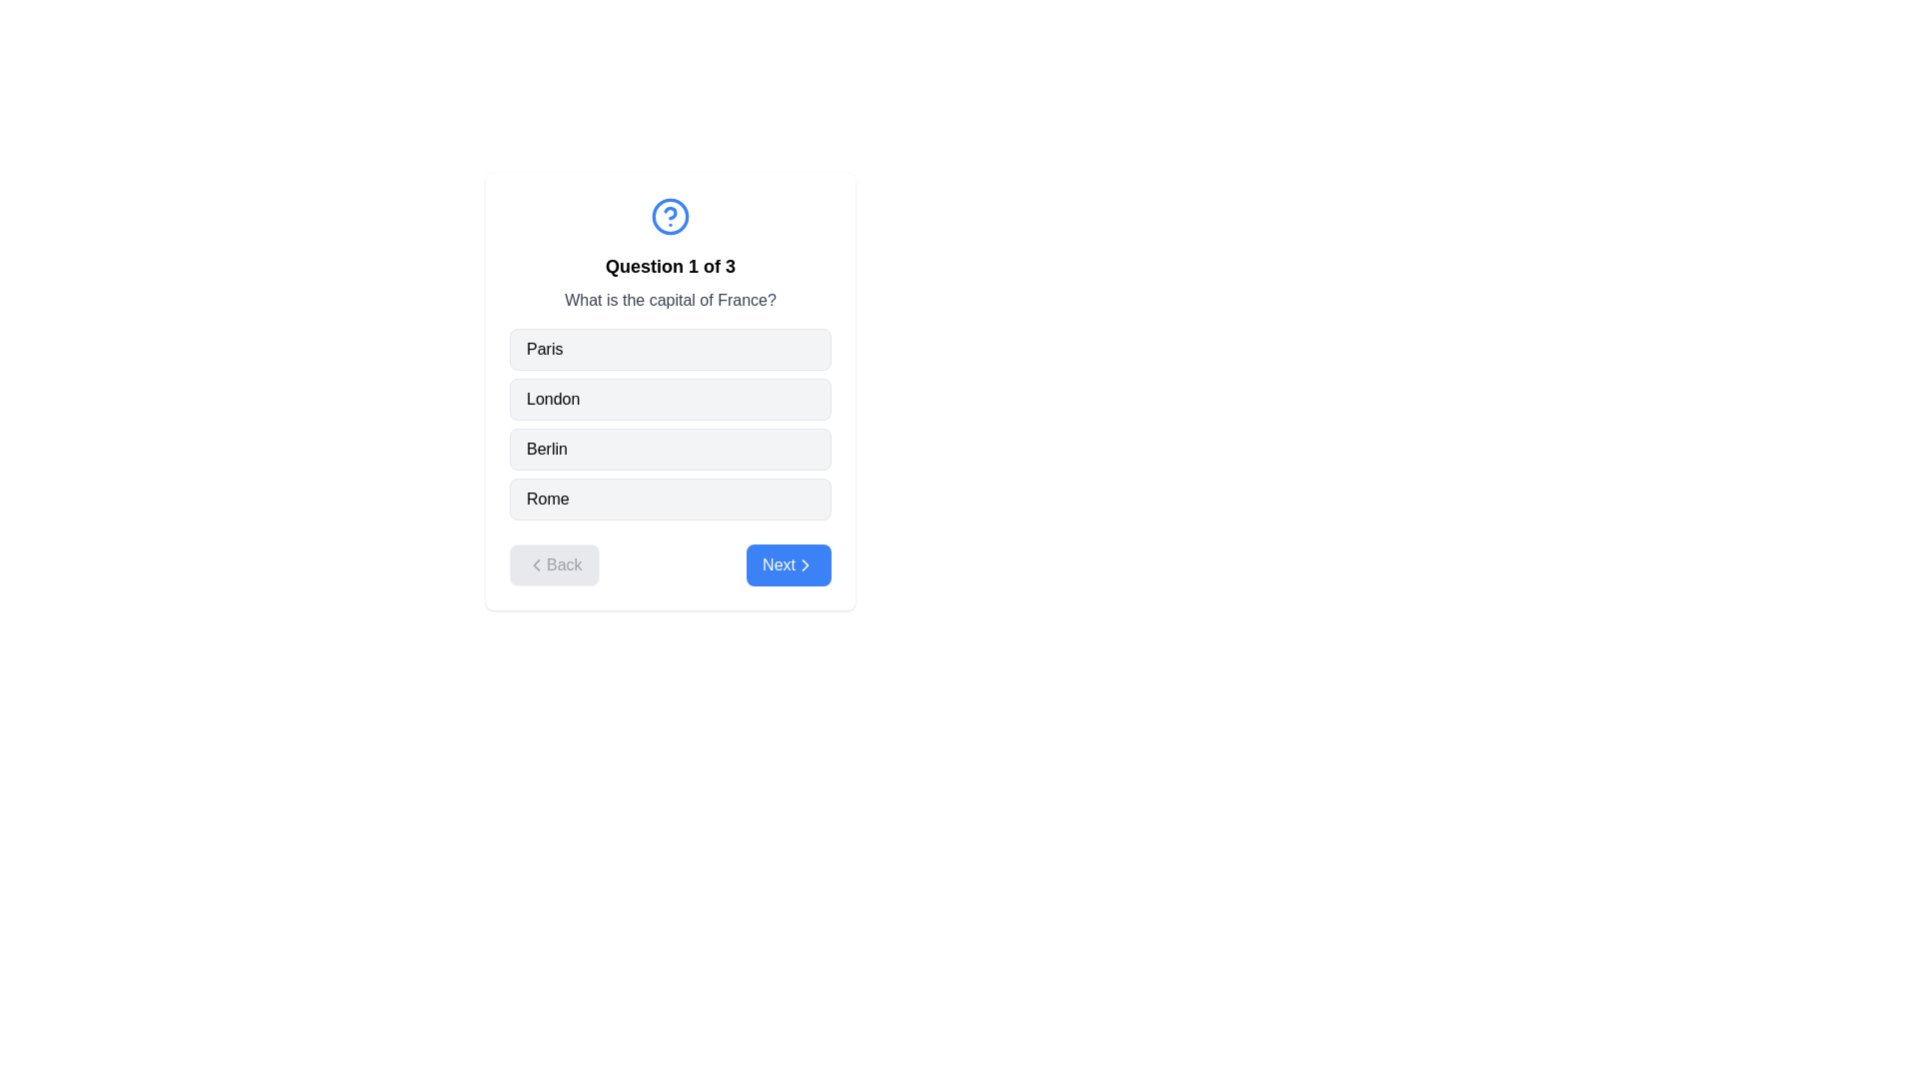 The image size is (1919, 1079). What do you see at coordinates (547, 450) in the screenshot?
I see `the text label displaying 'Berlin' in black, which is located within a light gray rectangular button below the quiz question` at bounding box center [547, 450].